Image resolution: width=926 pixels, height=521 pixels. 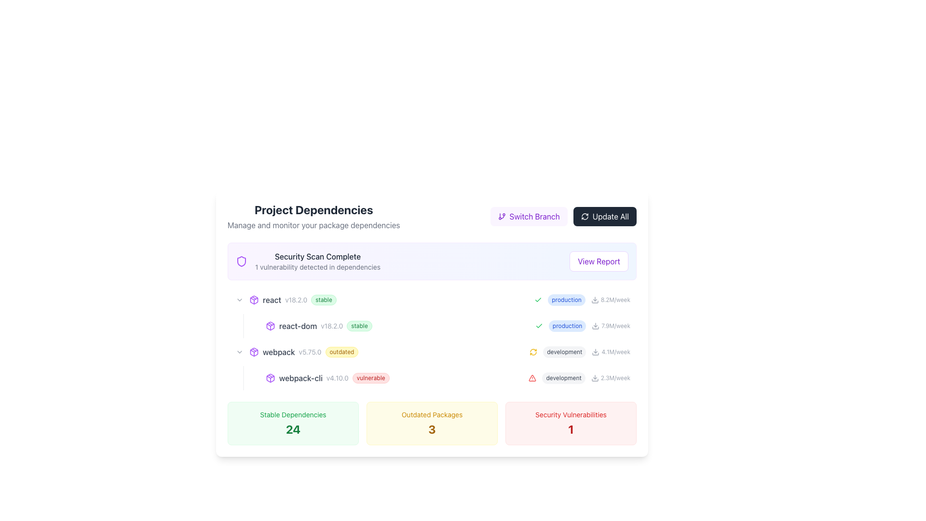 I want to click on the decorative icon representing the 'webpack' dependency located to the left of the text 'webpack v5.75.0 outdated', so click(x=254, y=352).